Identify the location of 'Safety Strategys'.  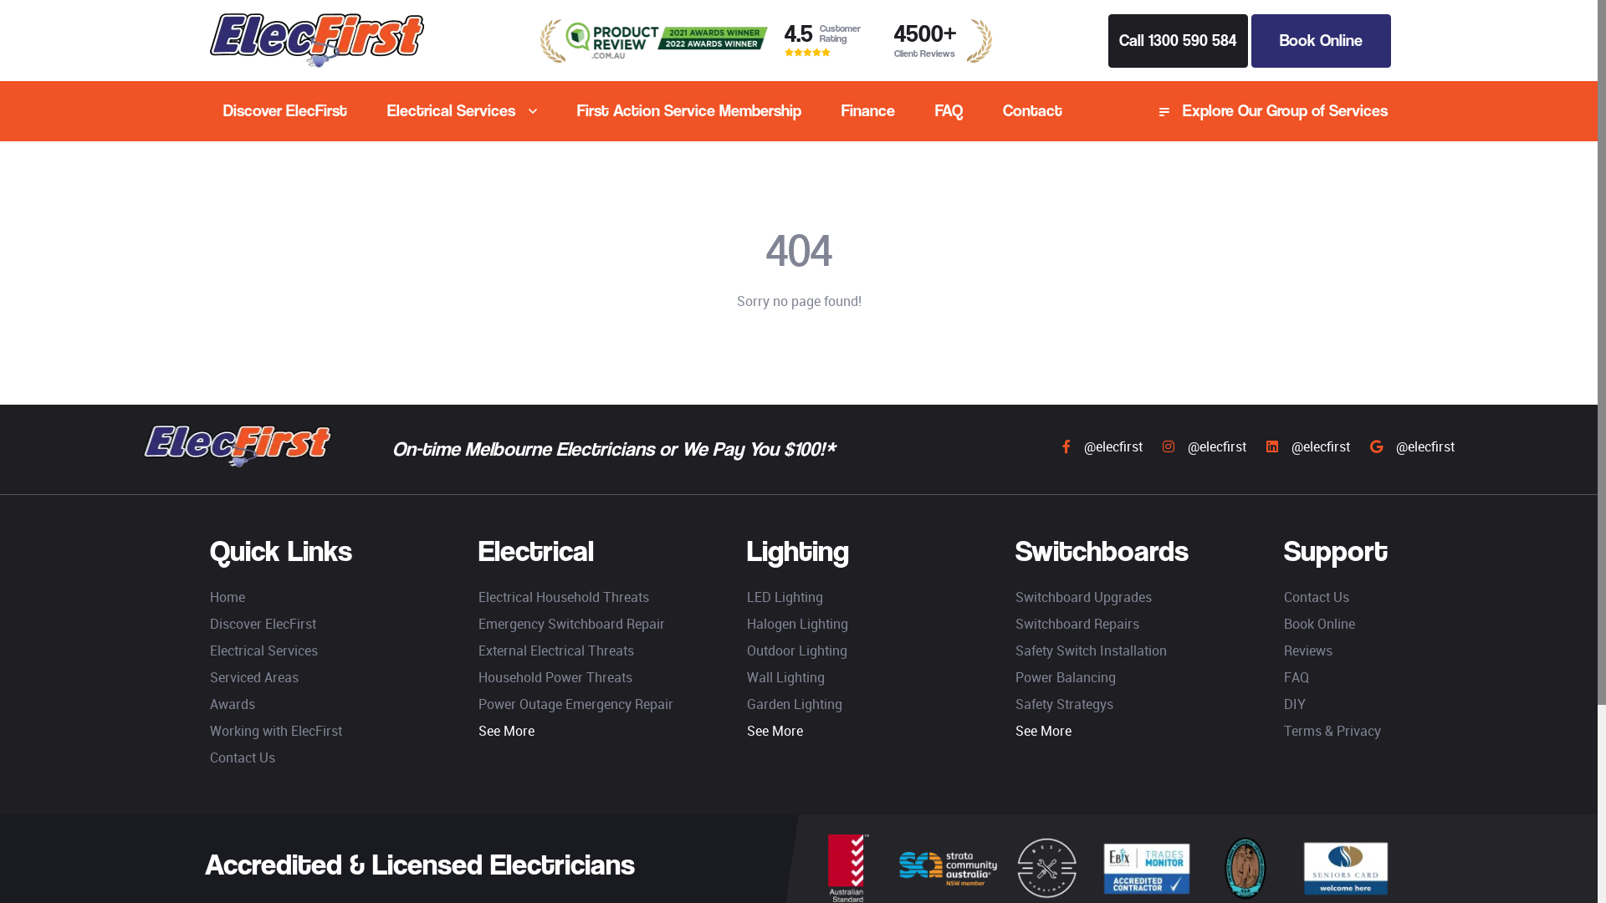
(1015, 703).